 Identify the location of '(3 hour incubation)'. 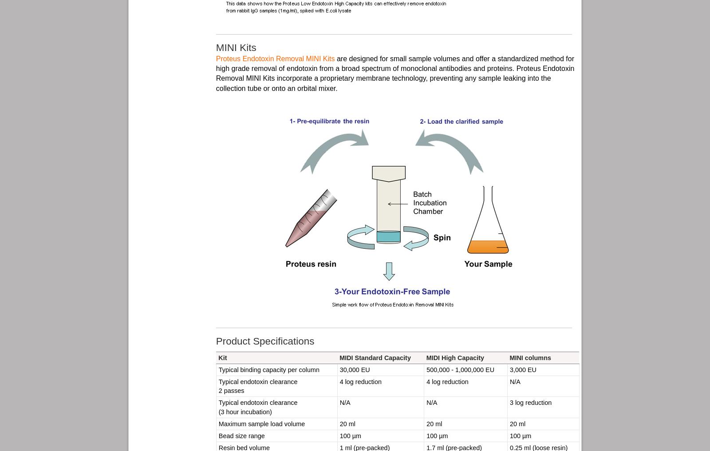
(245, 411).